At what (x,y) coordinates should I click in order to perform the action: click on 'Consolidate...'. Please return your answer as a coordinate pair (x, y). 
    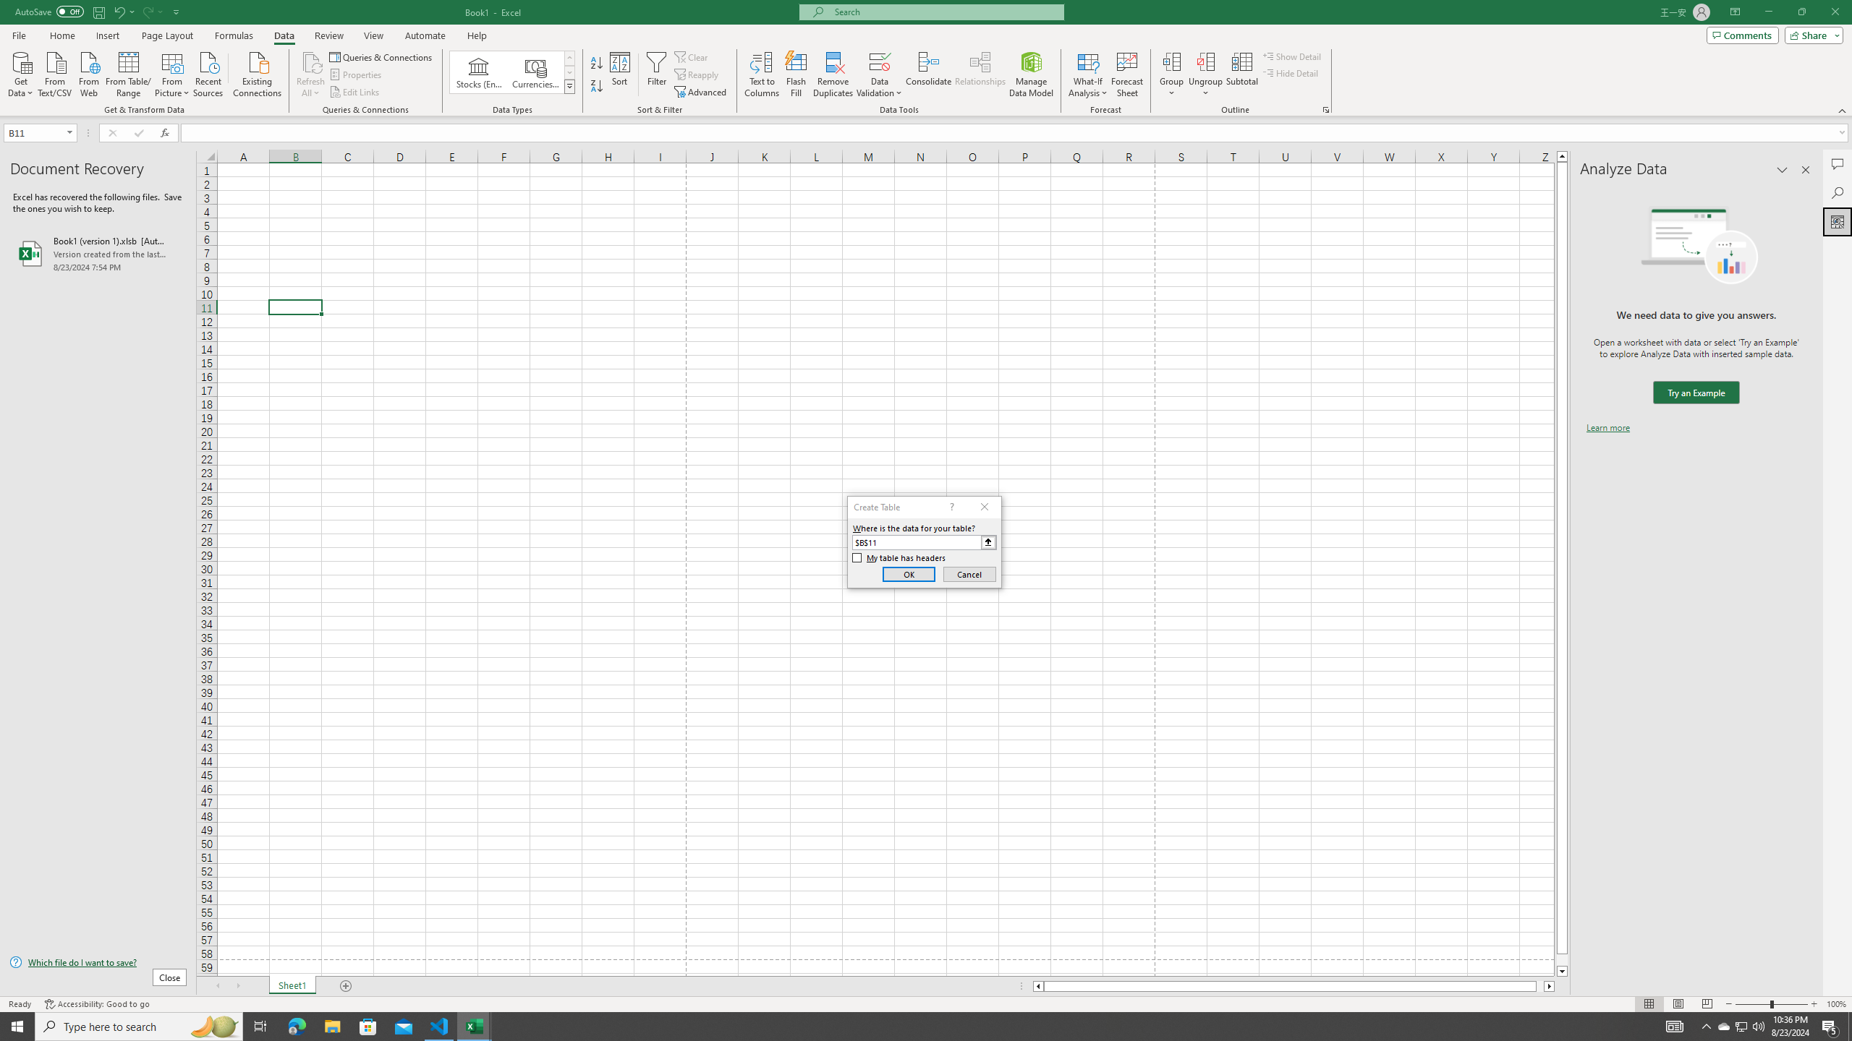
    Looking at the image, I should click on (928, 74).